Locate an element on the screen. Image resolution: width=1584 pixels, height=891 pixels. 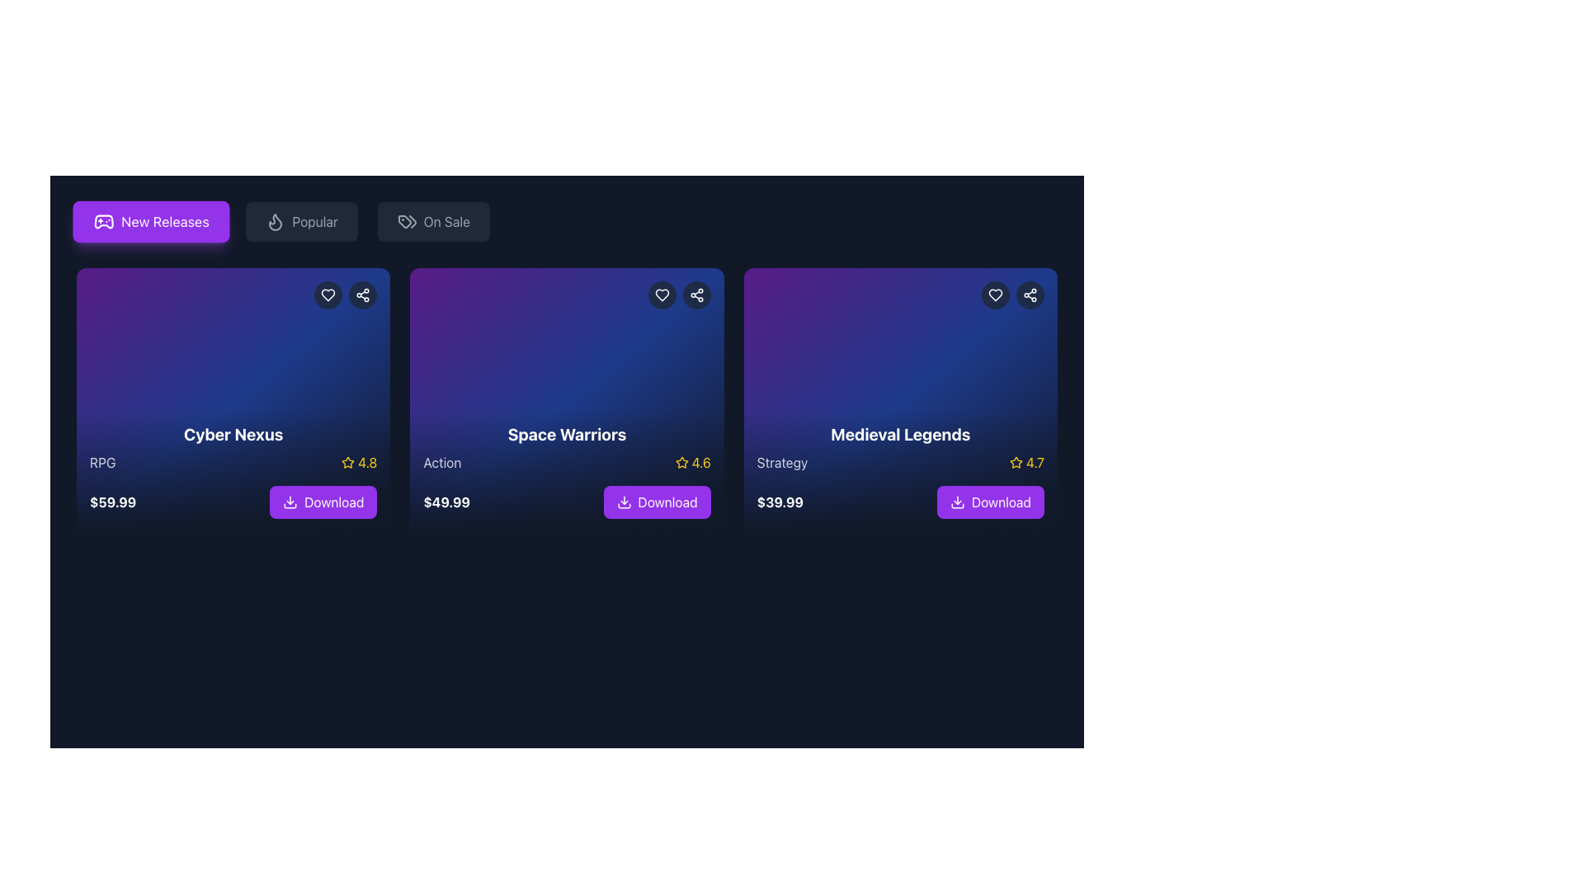
the 'New Releases' button, which is the first button in the horizontal row of navigation controls located at the upper left corner of the interface, to possibly see a tooltip or visual feedback is located at coordinates (151, 221).